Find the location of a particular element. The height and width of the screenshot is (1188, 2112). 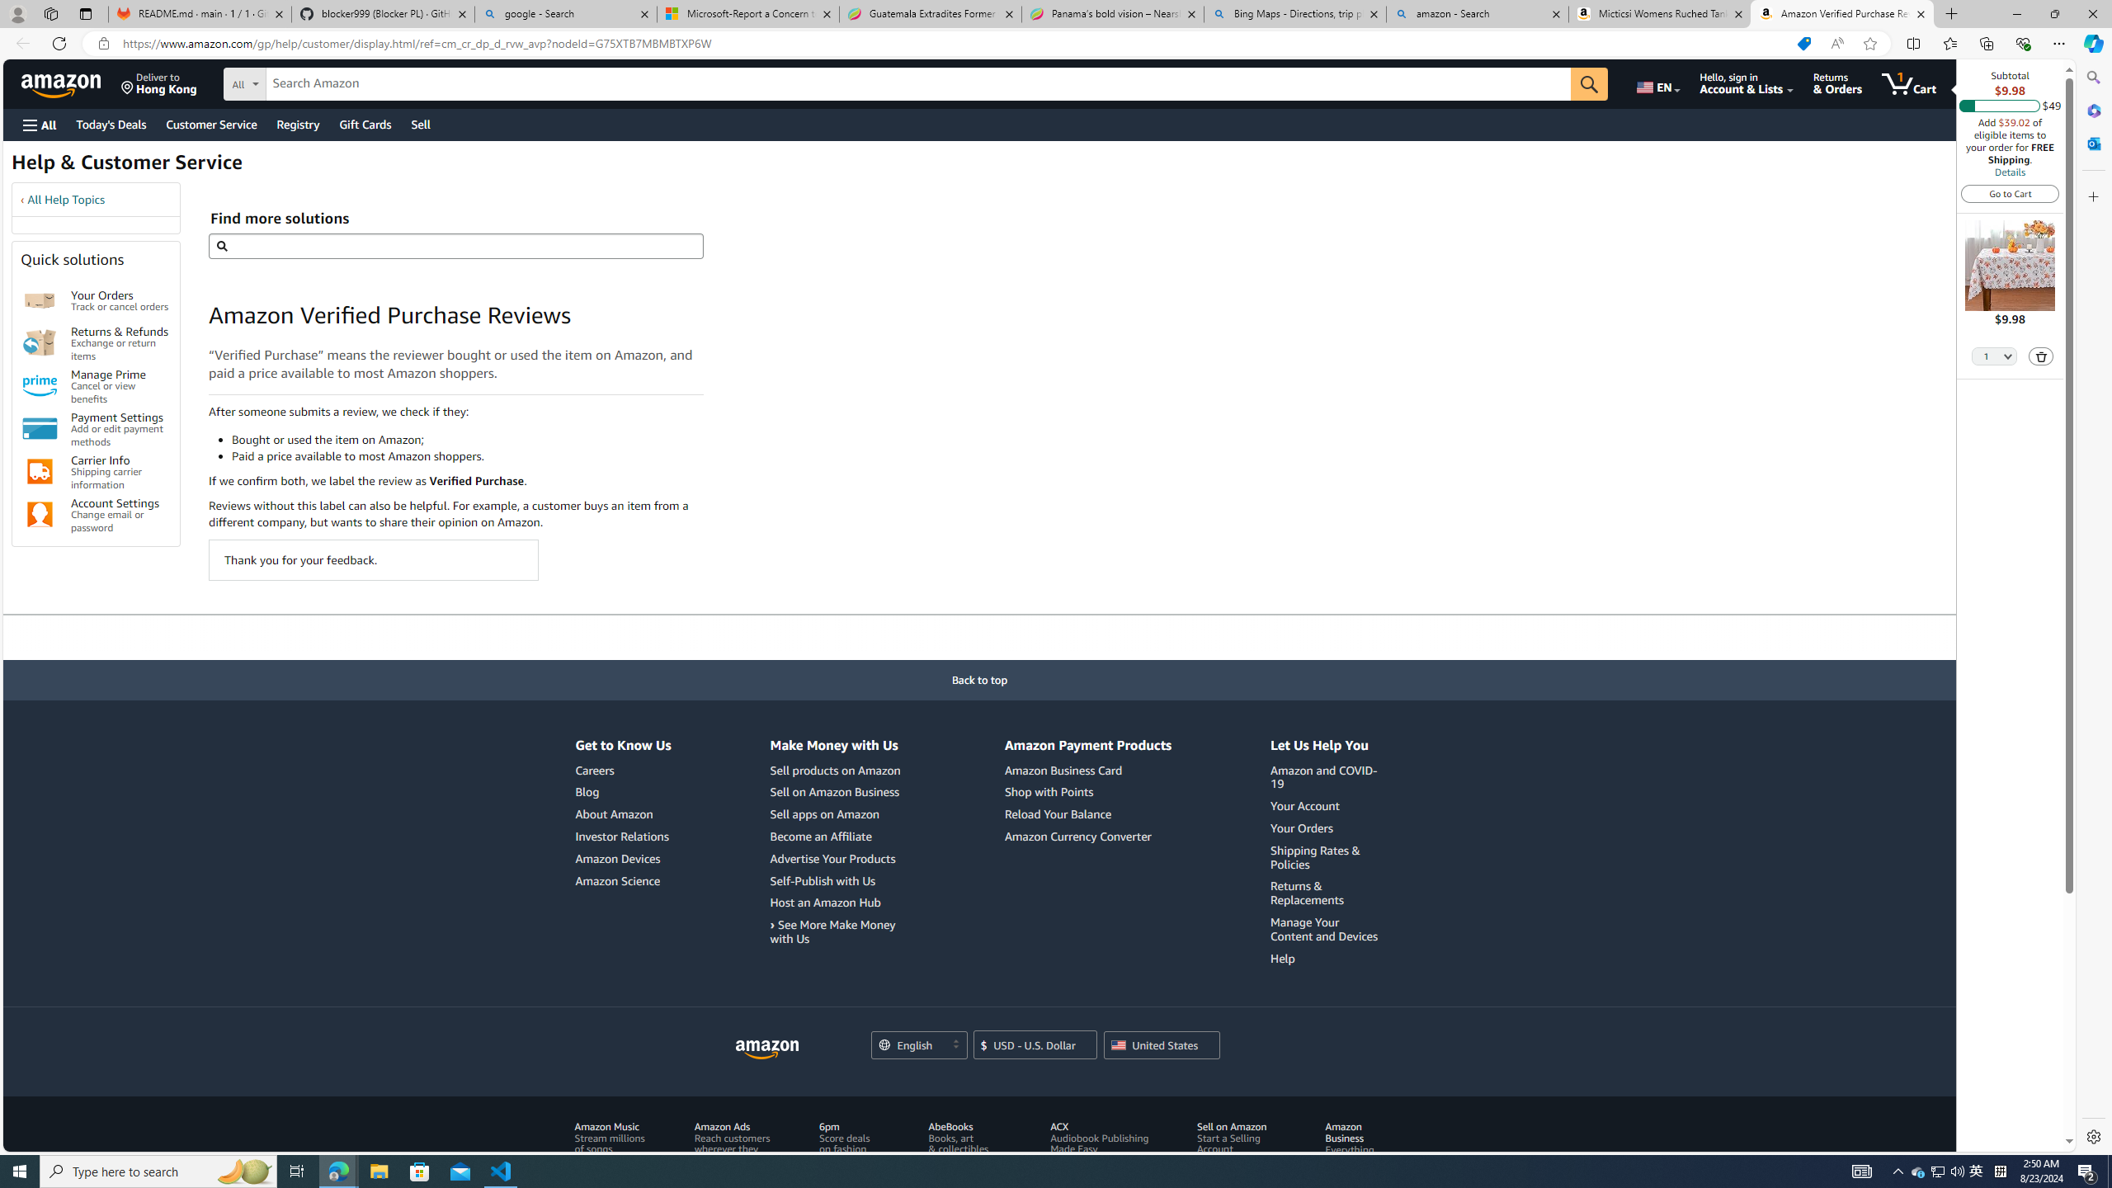

'Amazon Currency Converter' is located at coordinates (1076, 835).